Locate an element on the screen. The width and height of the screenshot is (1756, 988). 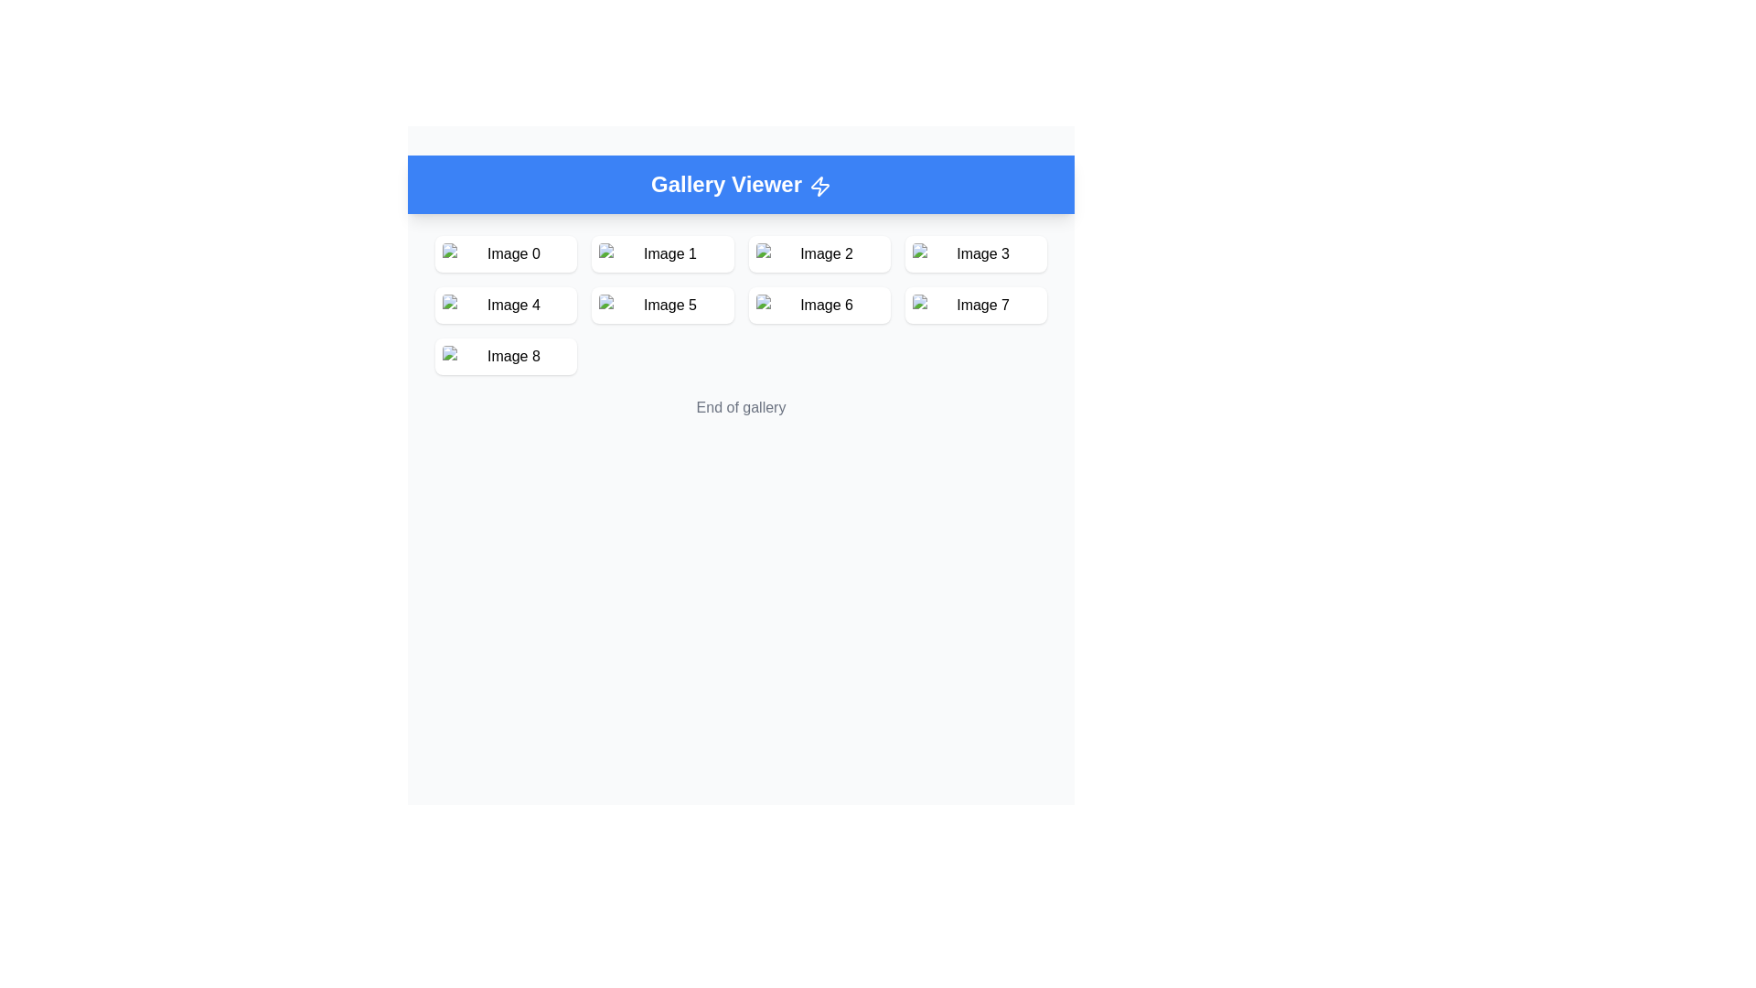
the fourth element in the top row of the gallery viewer, which displays an image and a corresponding label is located at coordinates (975, 253).